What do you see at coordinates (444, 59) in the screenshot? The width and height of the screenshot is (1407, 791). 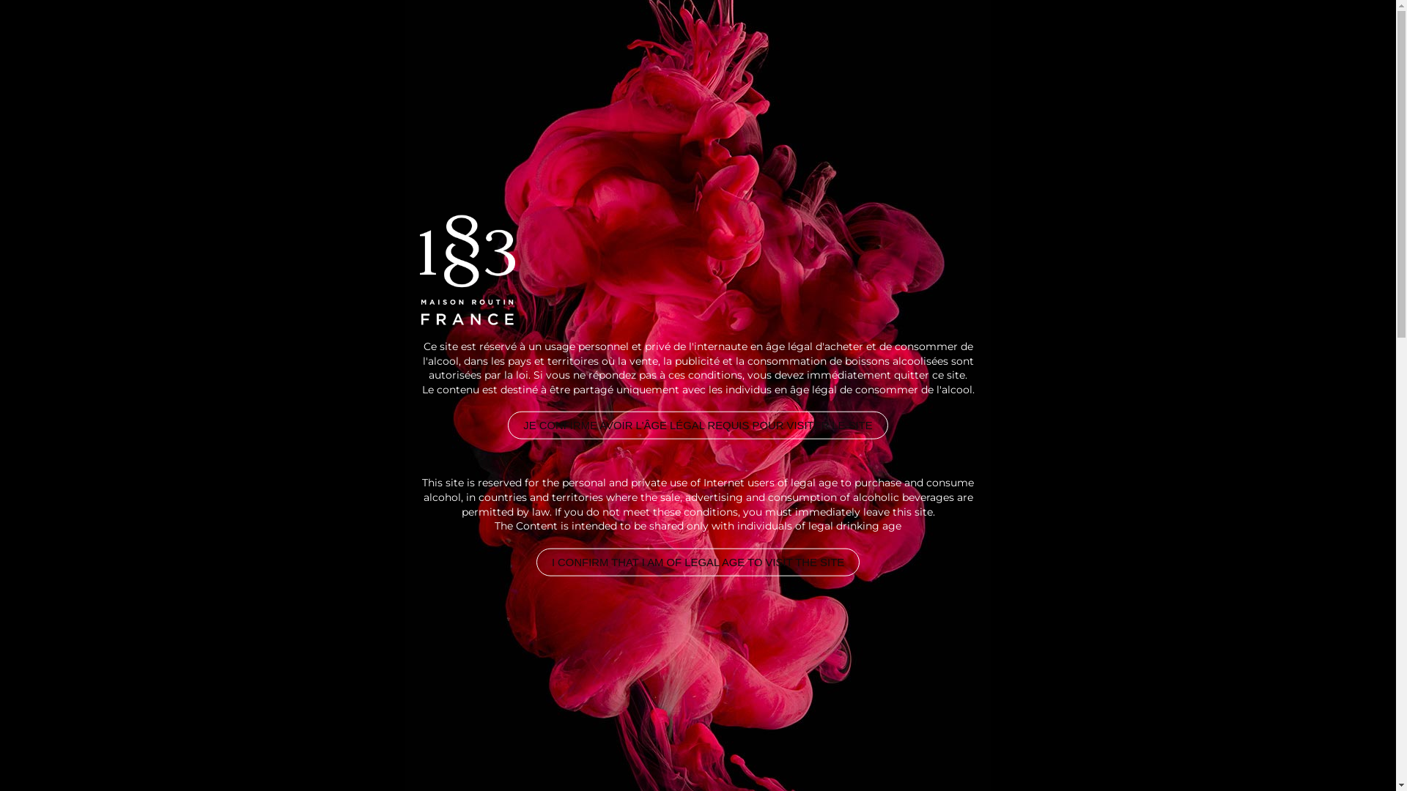 I see `'THE 1883 SIGNATURE'` at bounding box center [444, 59].